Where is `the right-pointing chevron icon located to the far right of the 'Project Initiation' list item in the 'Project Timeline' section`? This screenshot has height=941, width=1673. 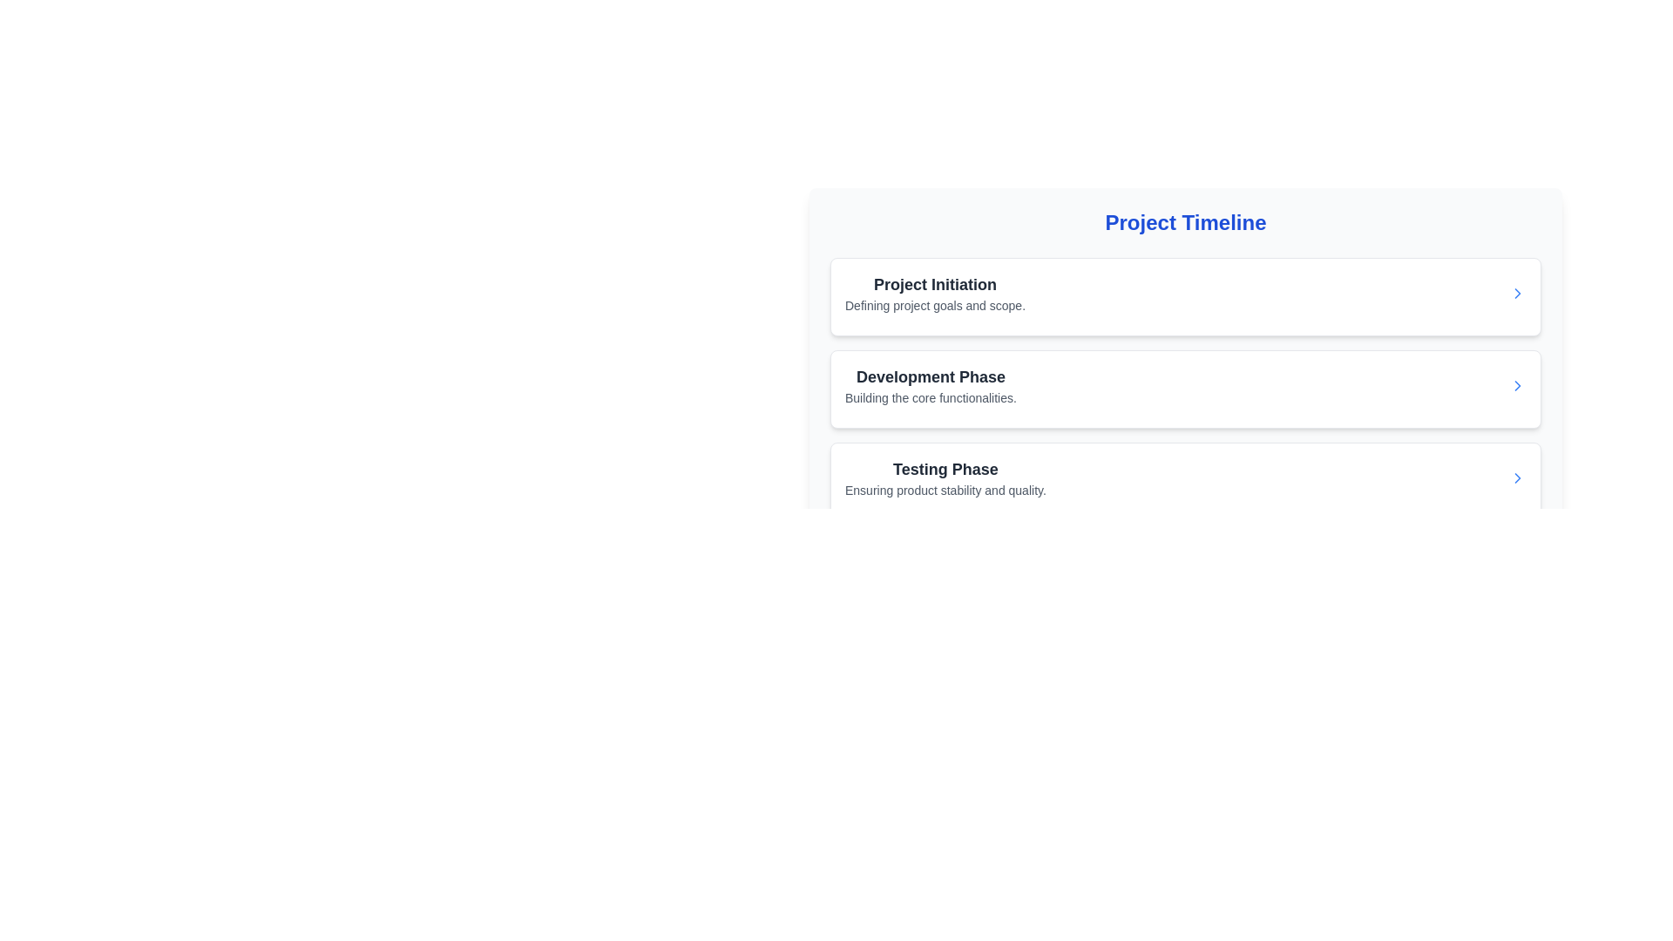
the right-pointing chevron icon located to the far right of the 'Project Initiation' list item in the 'Project Timeline' section is located at coordinates (1517, 292).